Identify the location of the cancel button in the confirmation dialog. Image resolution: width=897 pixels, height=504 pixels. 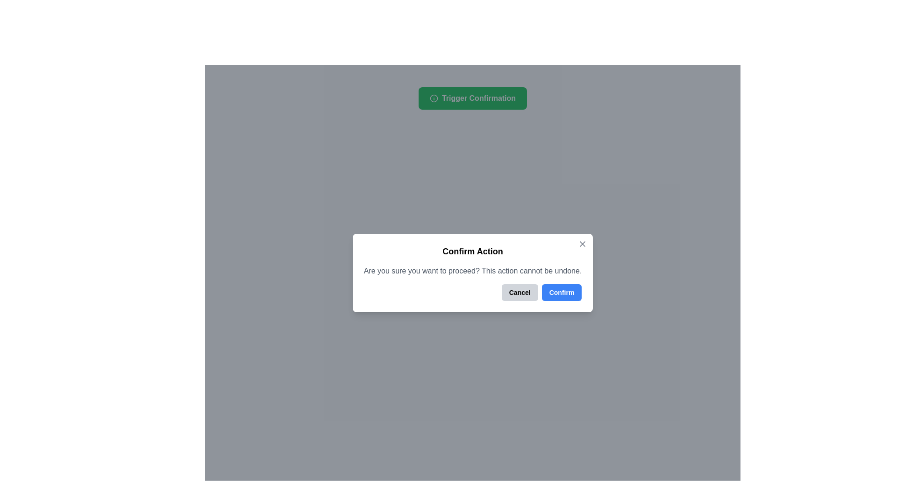
(519, 292).